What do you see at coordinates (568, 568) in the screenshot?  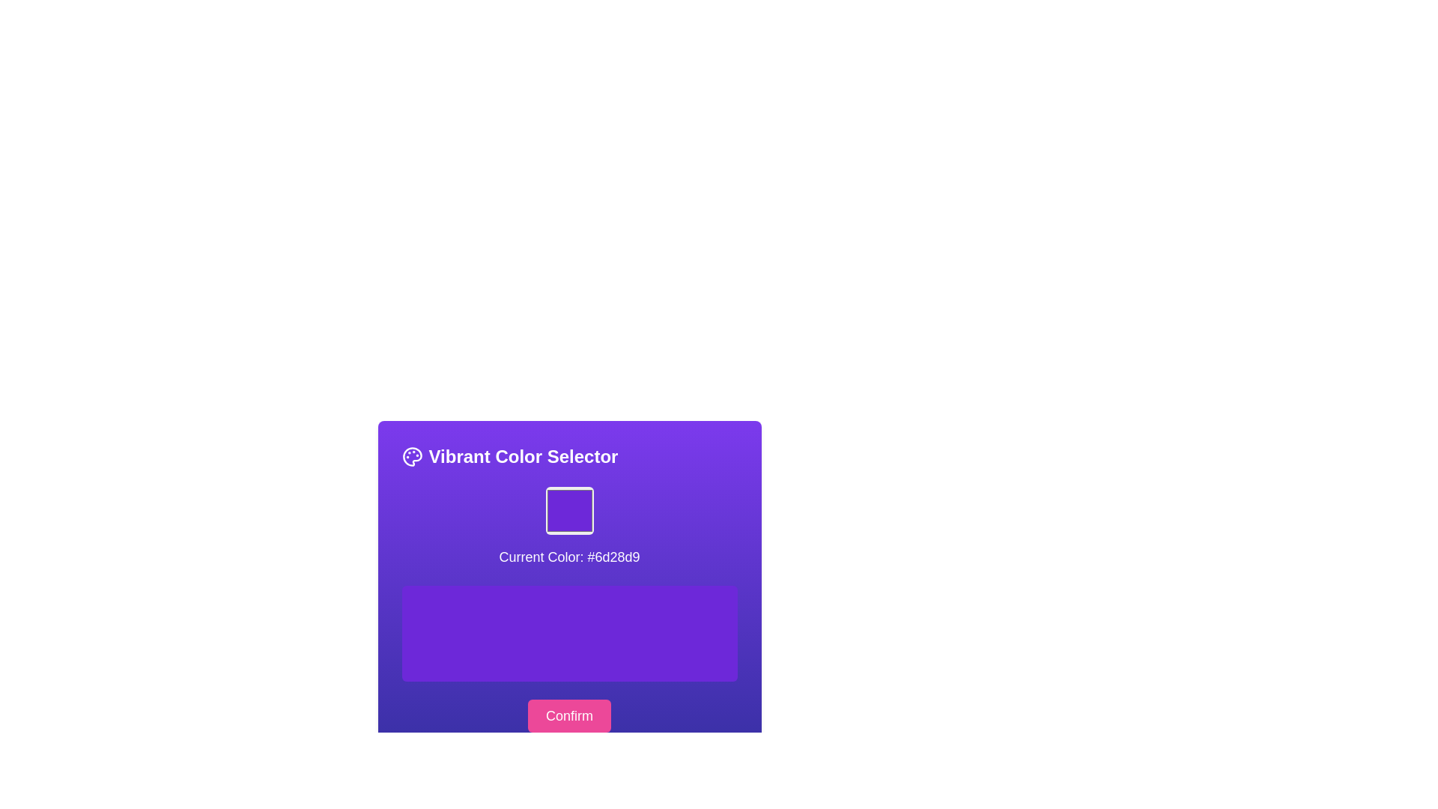 I see `the Text label that displays the currently selected color code, which is centered within the purple gradient box, located slightly below the heading text` at bounding box center [568, 568].